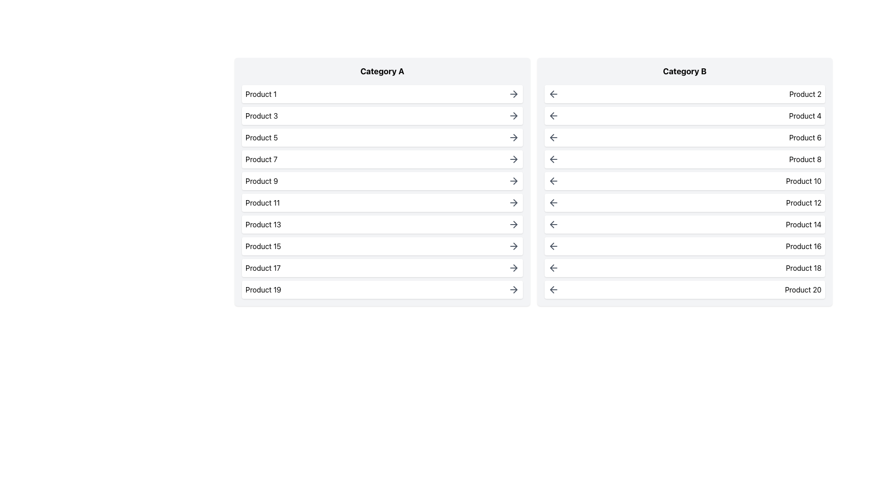 The image size is (870, 489). I want to click on the text label displaying 'Product 10' located in the second category column labeled 'Category B', corresponding to the 5th product in the list, so click(803, 181).